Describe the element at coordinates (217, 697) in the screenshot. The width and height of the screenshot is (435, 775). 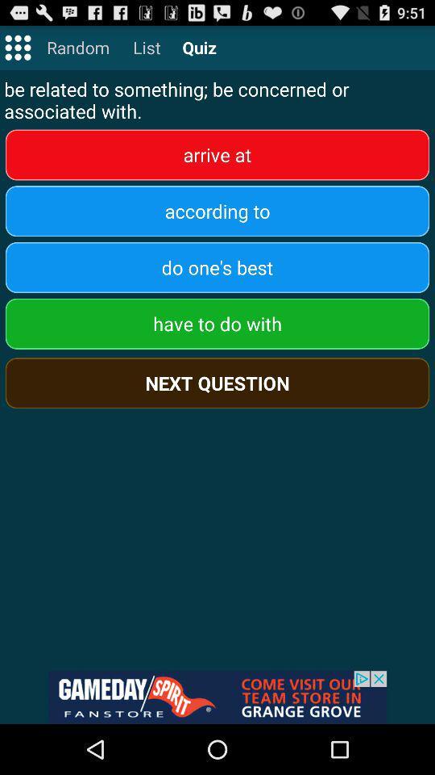
I see `advertisement` at that location.